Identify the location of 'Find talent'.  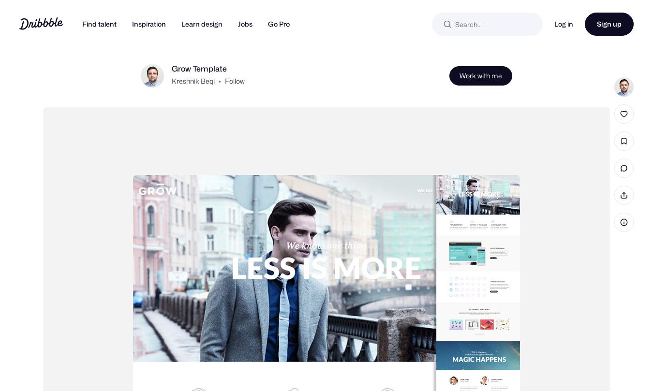
(99, 24).